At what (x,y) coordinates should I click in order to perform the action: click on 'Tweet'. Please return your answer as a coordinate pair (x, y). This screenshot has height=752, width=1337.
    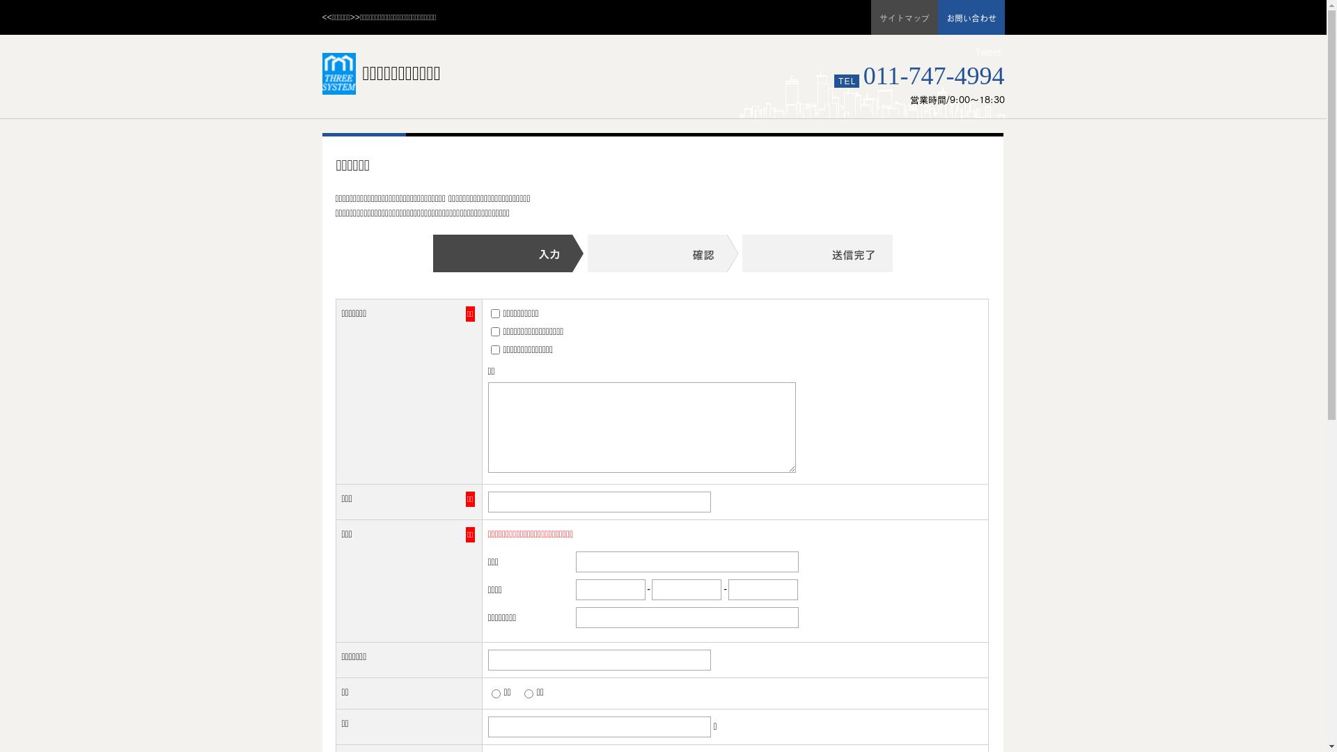
    Looking at the image, I should click on (974, 51).